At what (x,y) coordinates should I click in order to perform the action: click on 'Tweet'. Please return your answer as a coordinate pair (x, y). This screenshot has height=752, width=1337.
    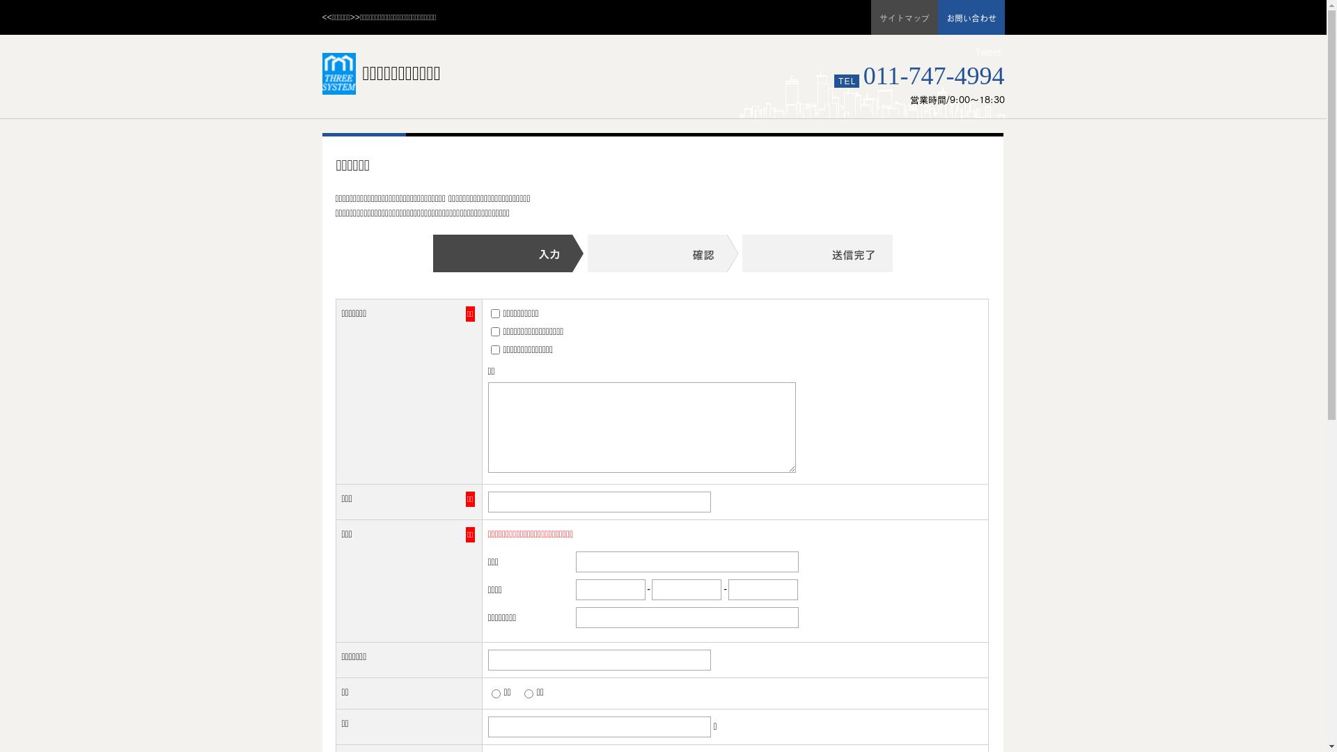
    Looking at the image, I should click on (974, 51).